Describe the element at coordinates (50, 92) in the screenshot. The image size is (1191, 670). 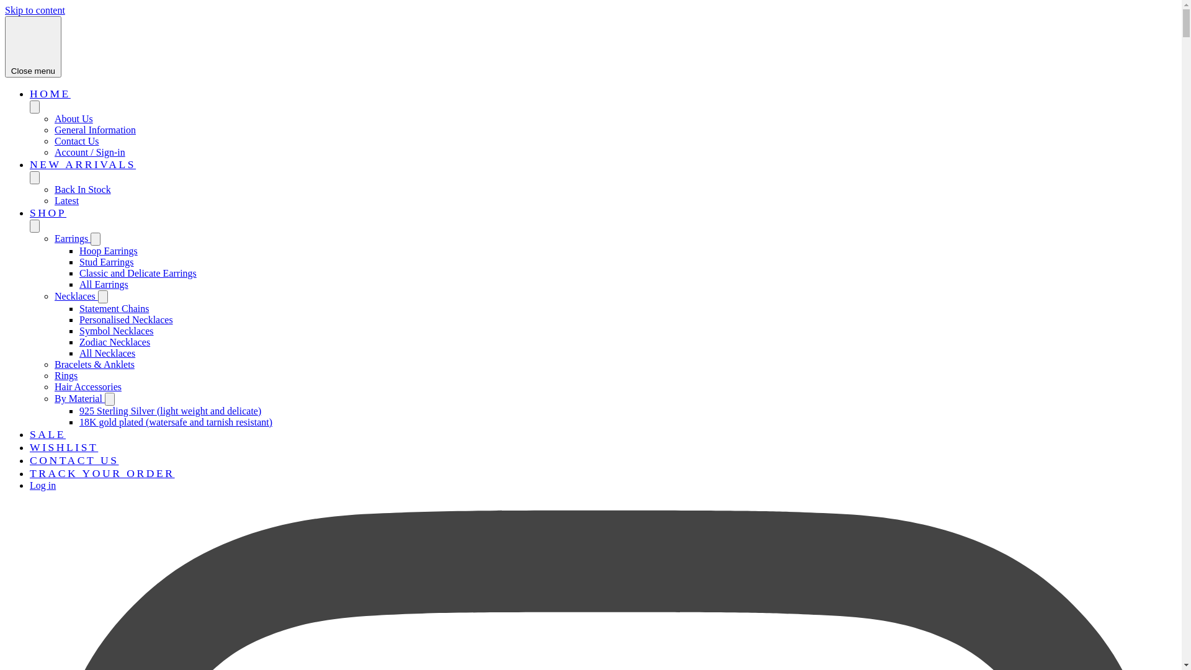
I see `'HOME'` at that location.